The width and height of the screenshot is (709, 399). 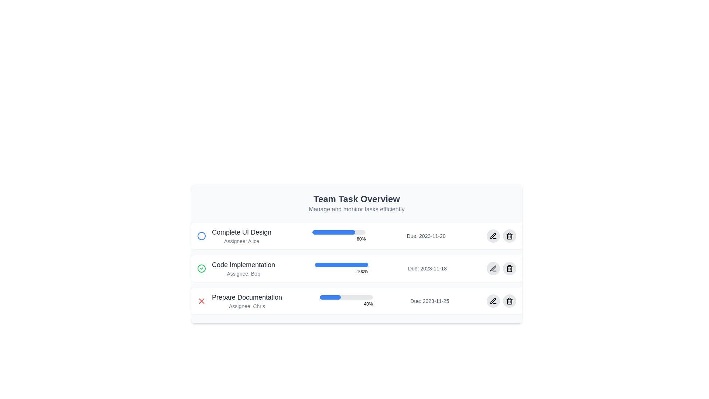 What do you see at coordinates (426, 236) in the screenshot?
I see `the static text label displaying the date 'Due: 2023-11-20', which is positioned at the end of the task entry 'Complete UI Design'` at bounding box center [426, 236].